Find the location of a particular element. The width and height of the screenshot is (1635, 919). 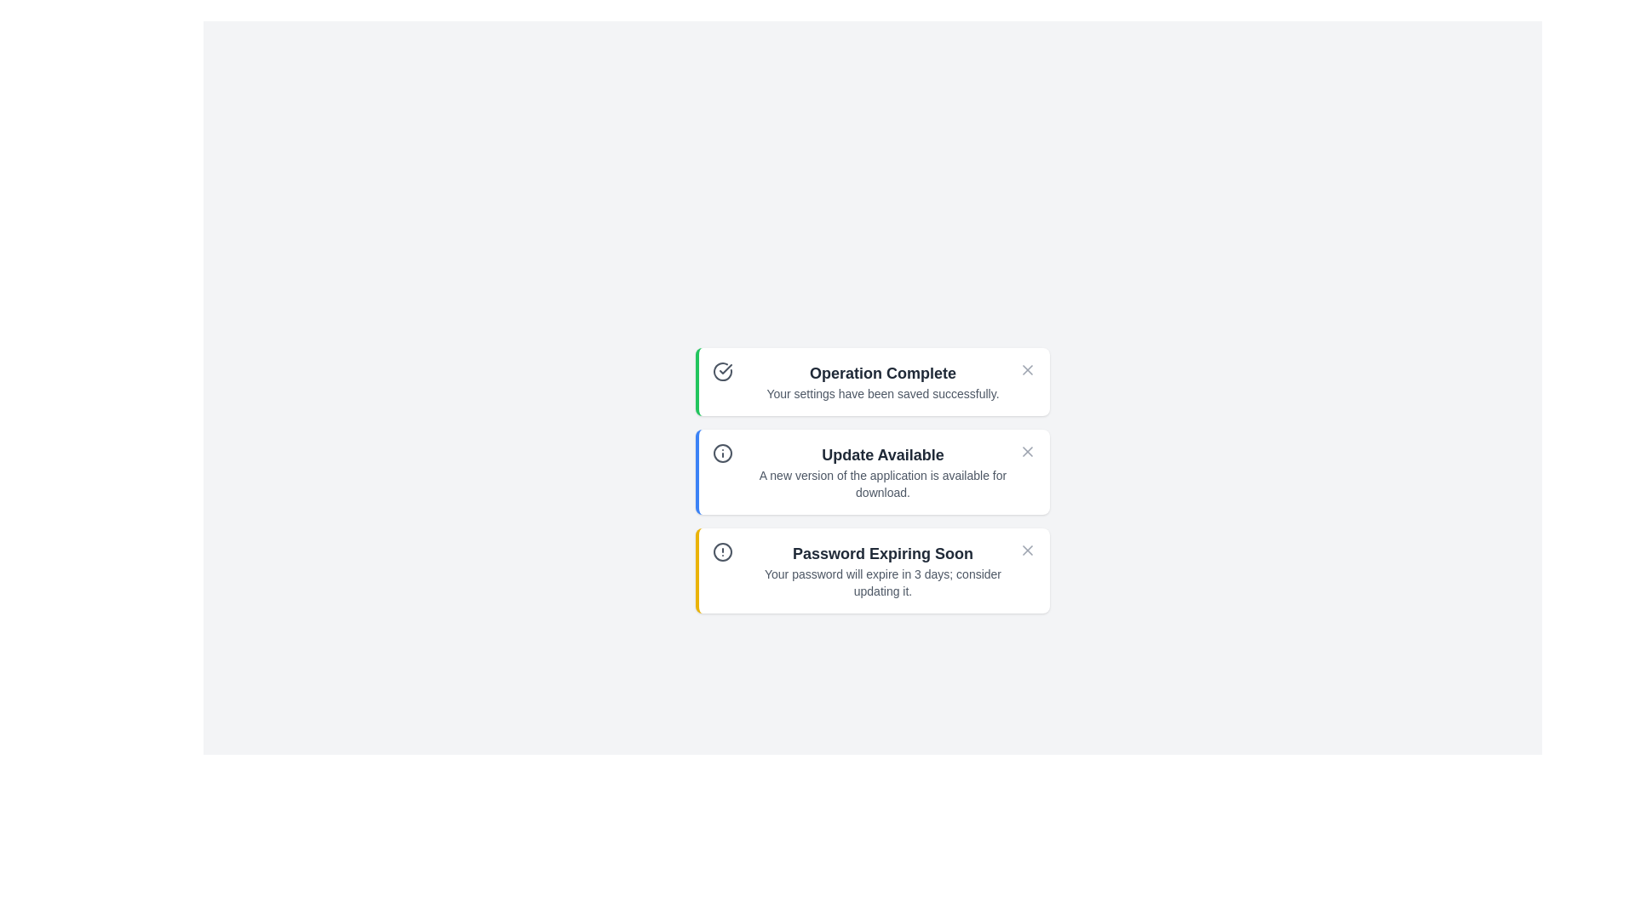

the circular checkmark icon located within the 'Operation Complete' notification card, positioned to the left of the text content is located at coordinates (723, 370).